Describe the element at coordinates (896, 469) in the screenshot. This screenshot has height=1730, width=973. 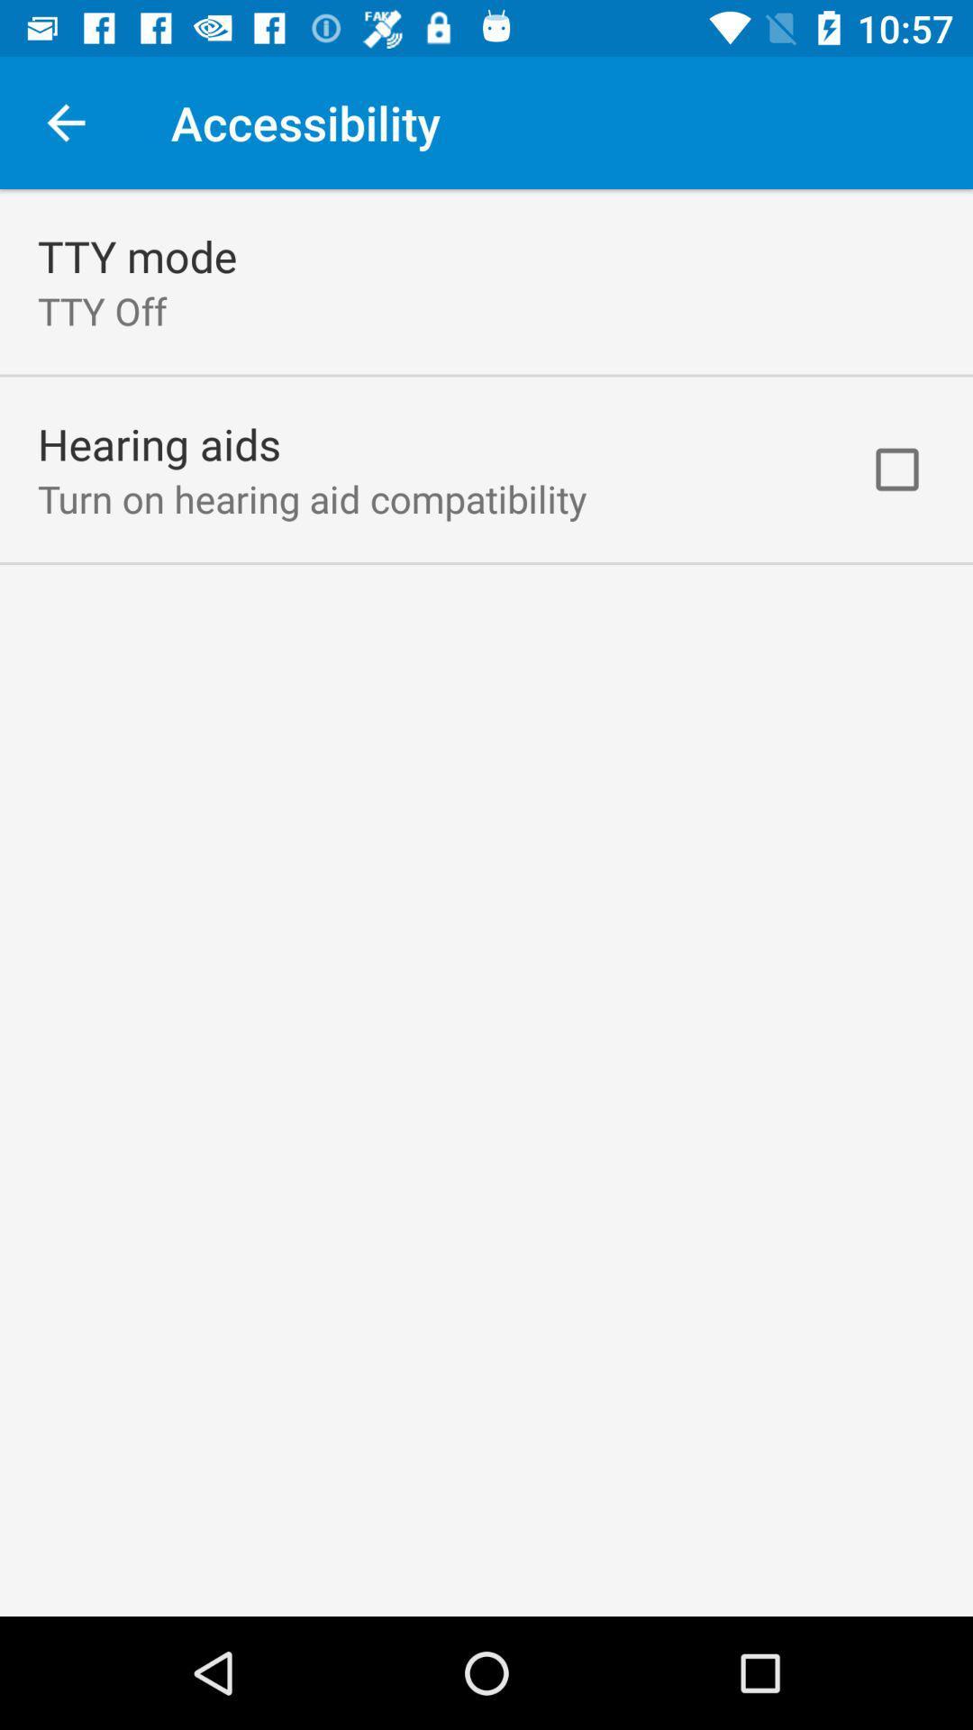
I see `the app to the right of the turn on hearing icon` at that location.